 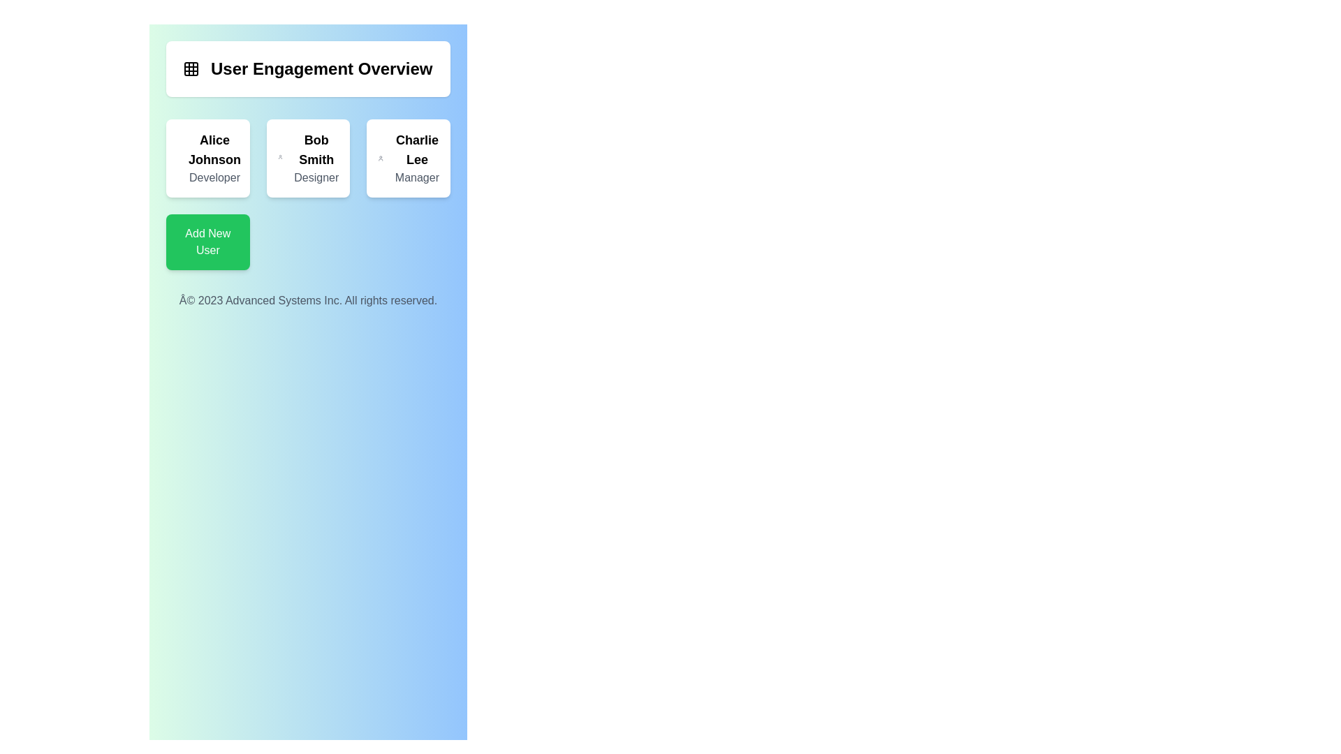 What do you see at coordinates (190, 69) in the screenshot?
I see `the central square of the 3x3 grid icon in the top header section, which is visually aligned with the 'User Engagement Overview' label` at bounding box center [190, 69].